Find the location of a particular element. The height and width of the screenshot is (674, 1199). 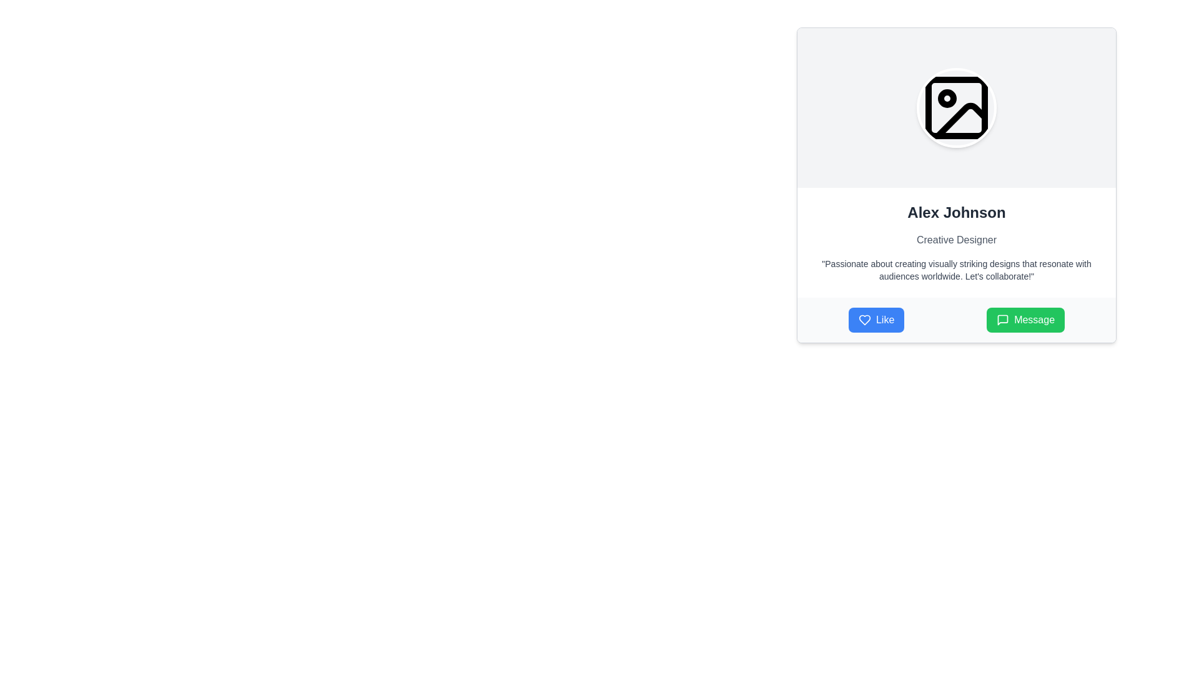

the small circular graphical feature located slightly offset to the top-left of the center of the user avatar in the profile card is located at coordinates (947, 98).